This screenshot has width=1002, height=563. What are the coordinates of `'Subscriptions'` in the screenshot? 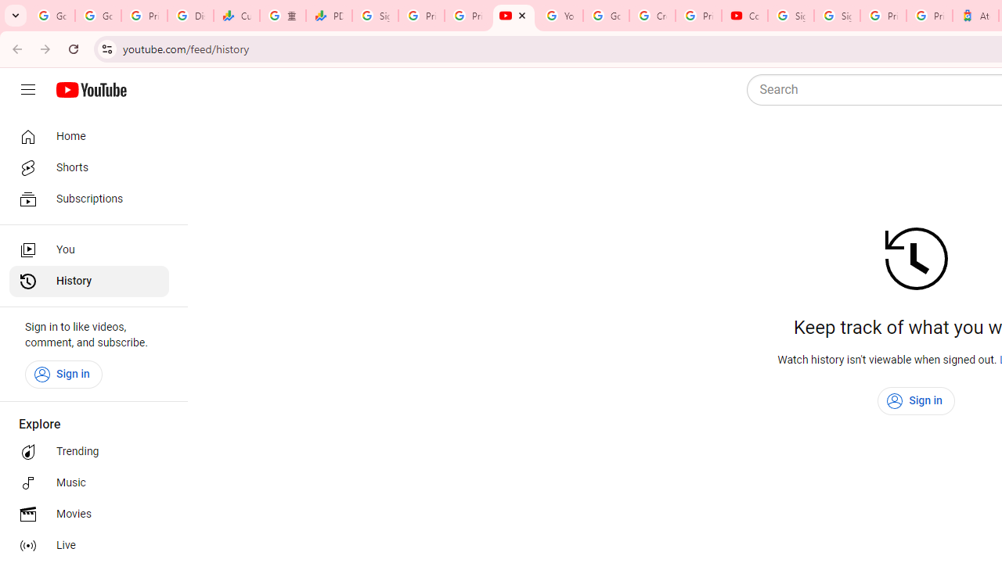 It's located at (88, 198).